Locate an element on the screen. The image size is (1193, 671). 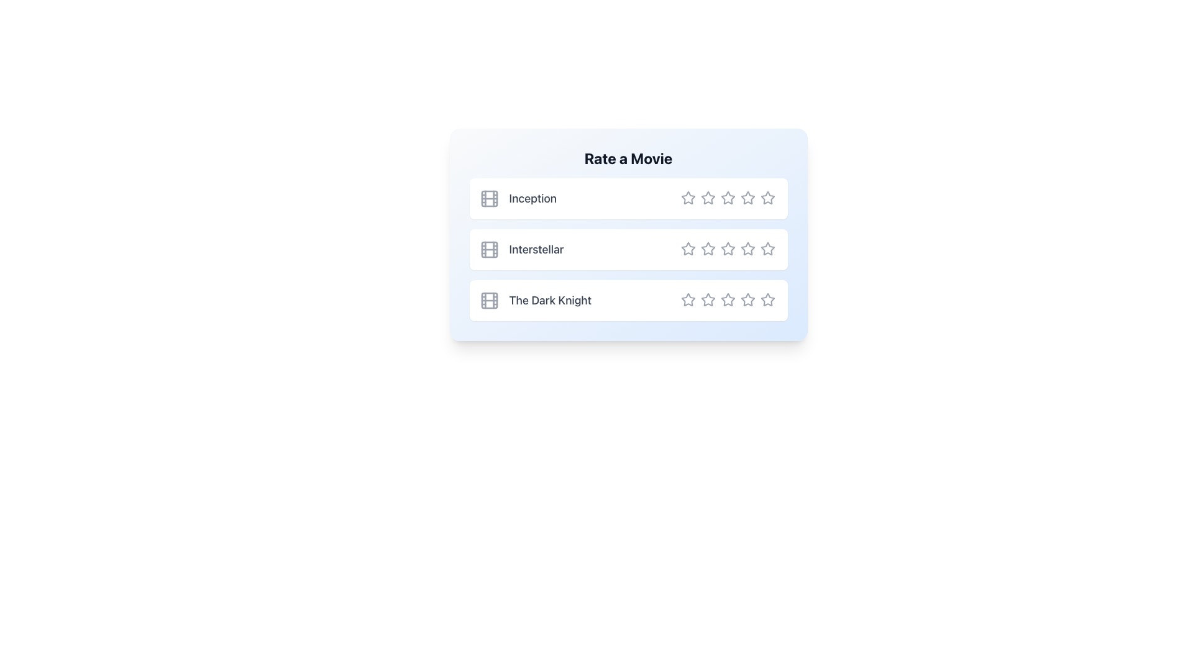
the second rating star in the group of five stars for the movie 'Interstellar' is located at coordinates (687, 249).